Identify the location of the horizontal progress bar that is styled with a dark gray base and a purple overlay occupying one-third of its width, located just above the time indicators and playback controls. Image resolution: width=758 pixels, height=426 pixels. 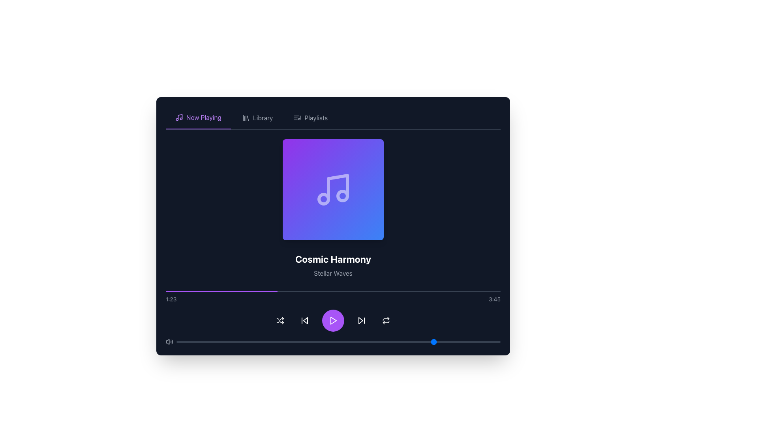
(333, 291).